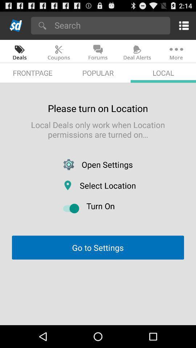  I want to click on menu, so click(182, 25).